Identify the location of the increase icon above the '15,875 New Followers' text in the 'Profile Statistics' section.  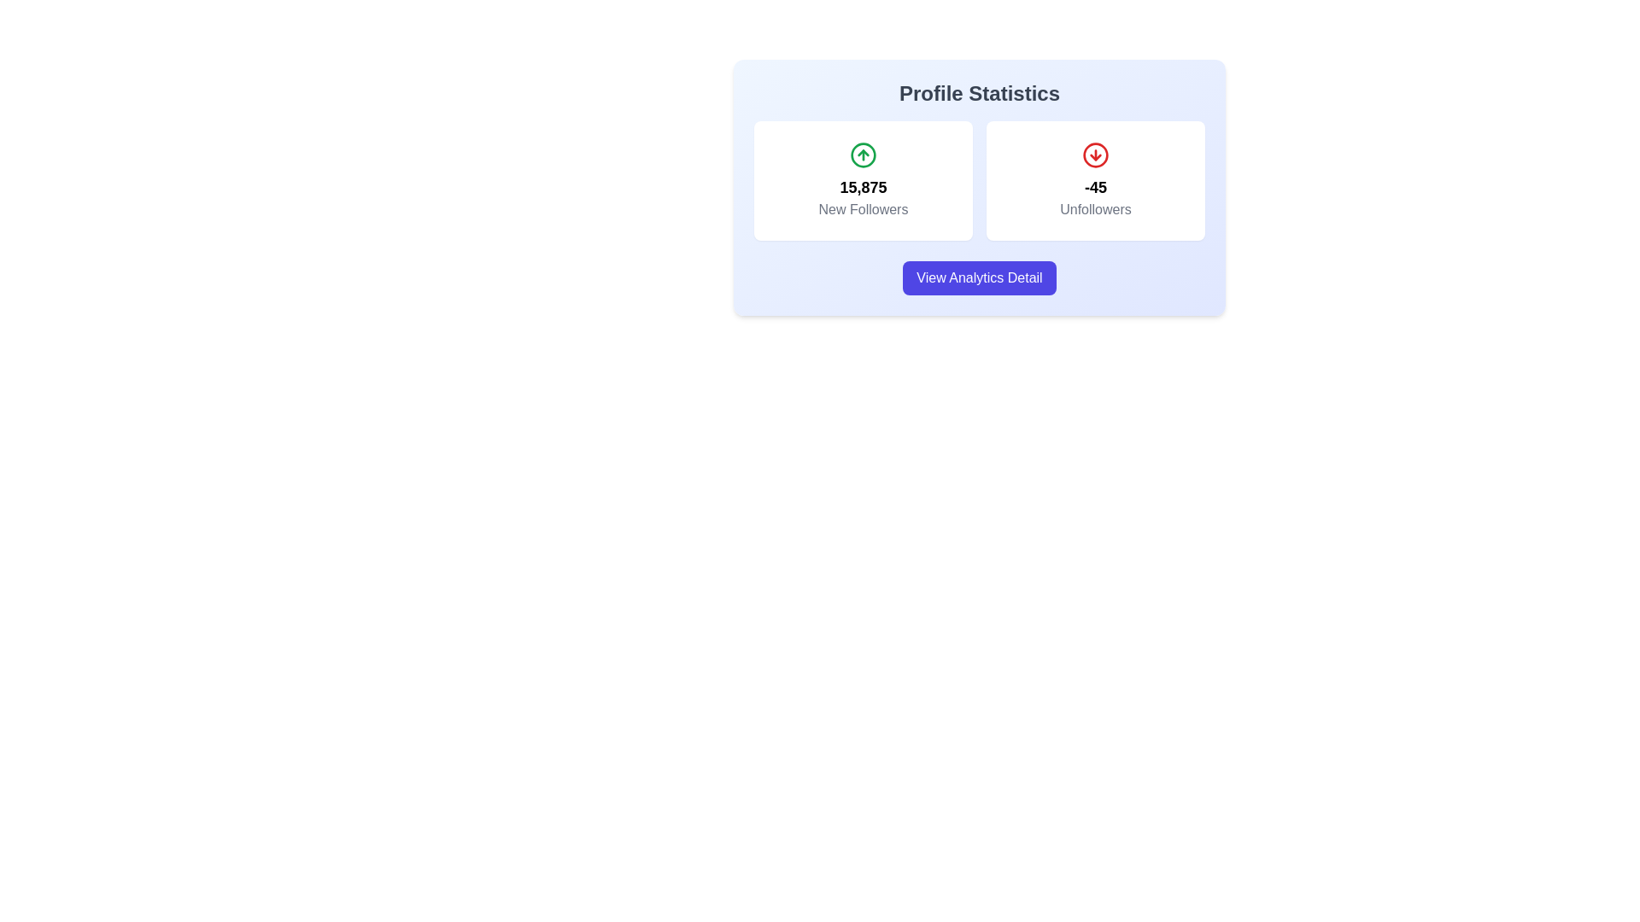
(864, 155).